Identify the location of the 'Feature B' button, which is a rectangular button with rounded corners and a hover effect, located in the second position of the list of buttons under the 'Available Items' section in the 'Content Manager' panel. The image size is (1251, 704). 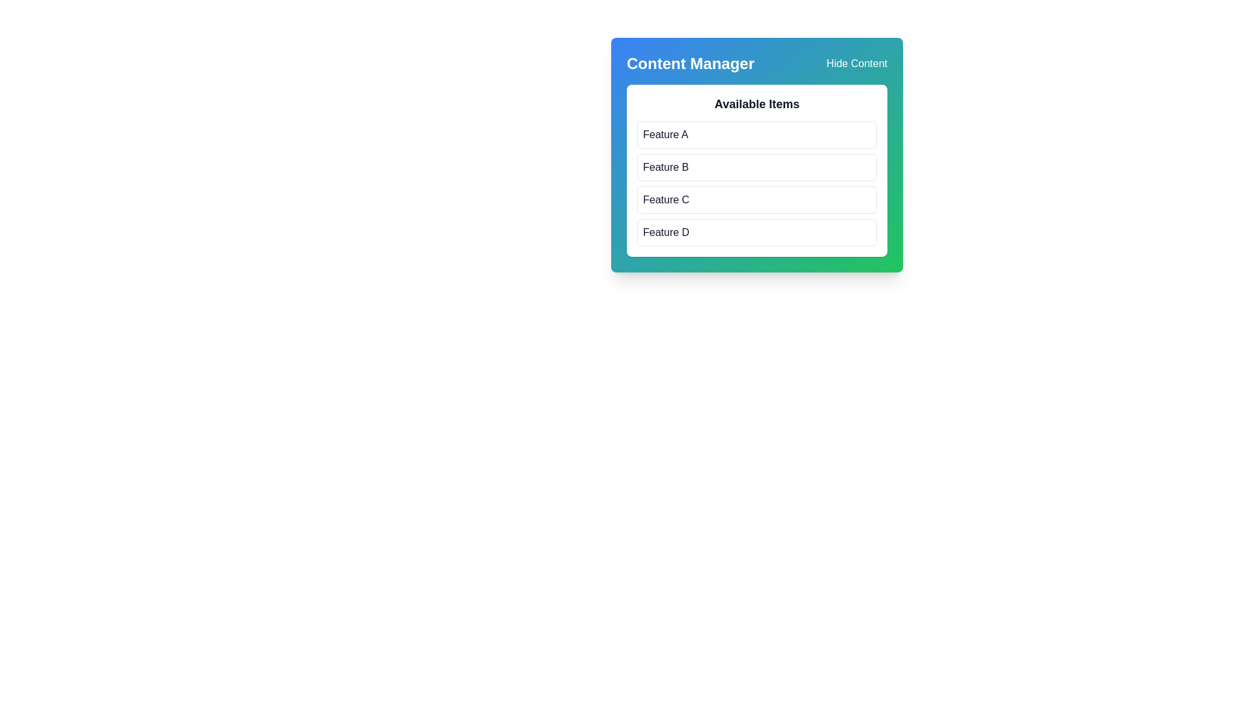
(756, 167).